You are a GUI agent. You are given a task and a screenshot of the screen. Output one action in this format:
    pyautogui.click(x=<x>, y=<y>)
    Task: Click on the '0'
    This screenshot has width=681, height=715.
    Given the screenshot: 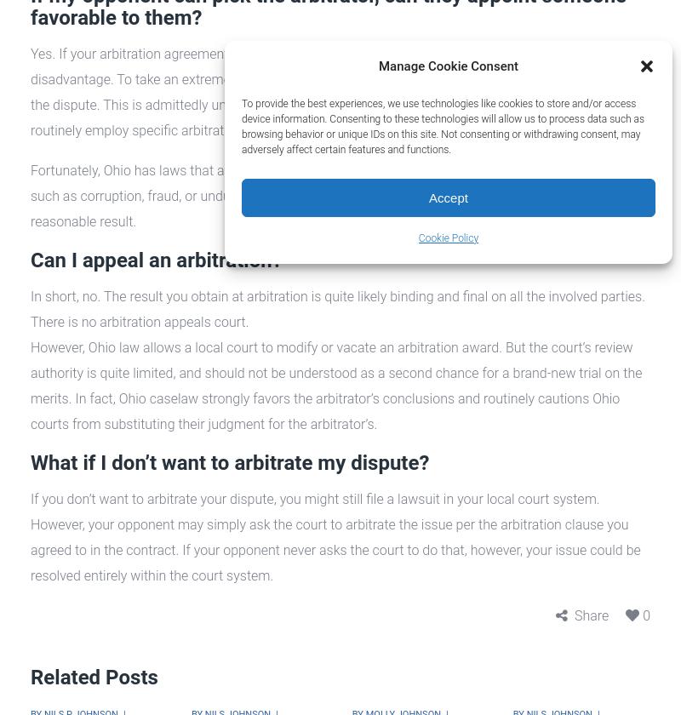 What is the action you would take?
    pyautogui.click(x=646, y=615)
    